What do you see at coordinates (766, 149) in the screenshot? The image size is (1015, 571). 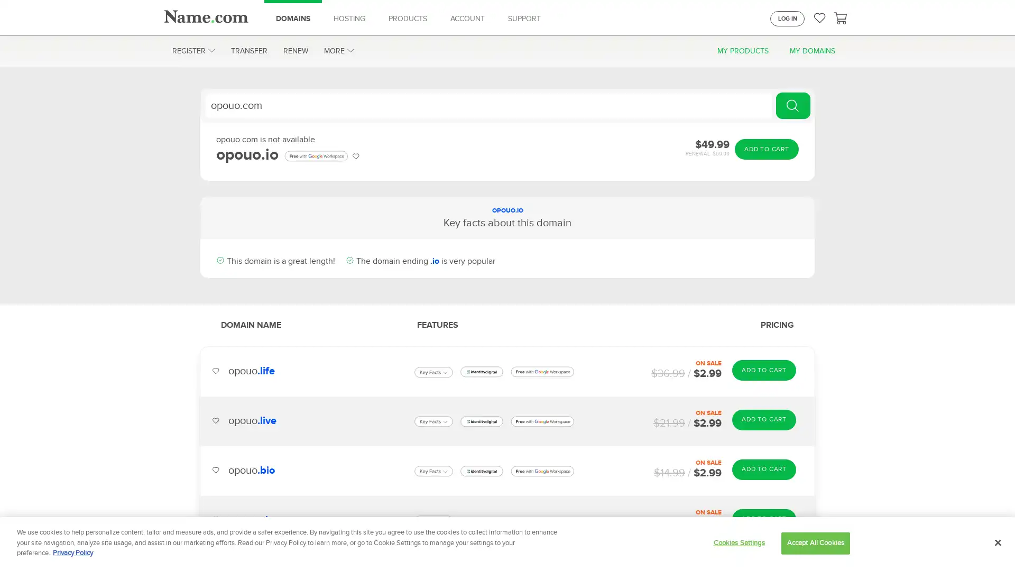 I see `ADD TO CART` at bounding box center [766, 149].